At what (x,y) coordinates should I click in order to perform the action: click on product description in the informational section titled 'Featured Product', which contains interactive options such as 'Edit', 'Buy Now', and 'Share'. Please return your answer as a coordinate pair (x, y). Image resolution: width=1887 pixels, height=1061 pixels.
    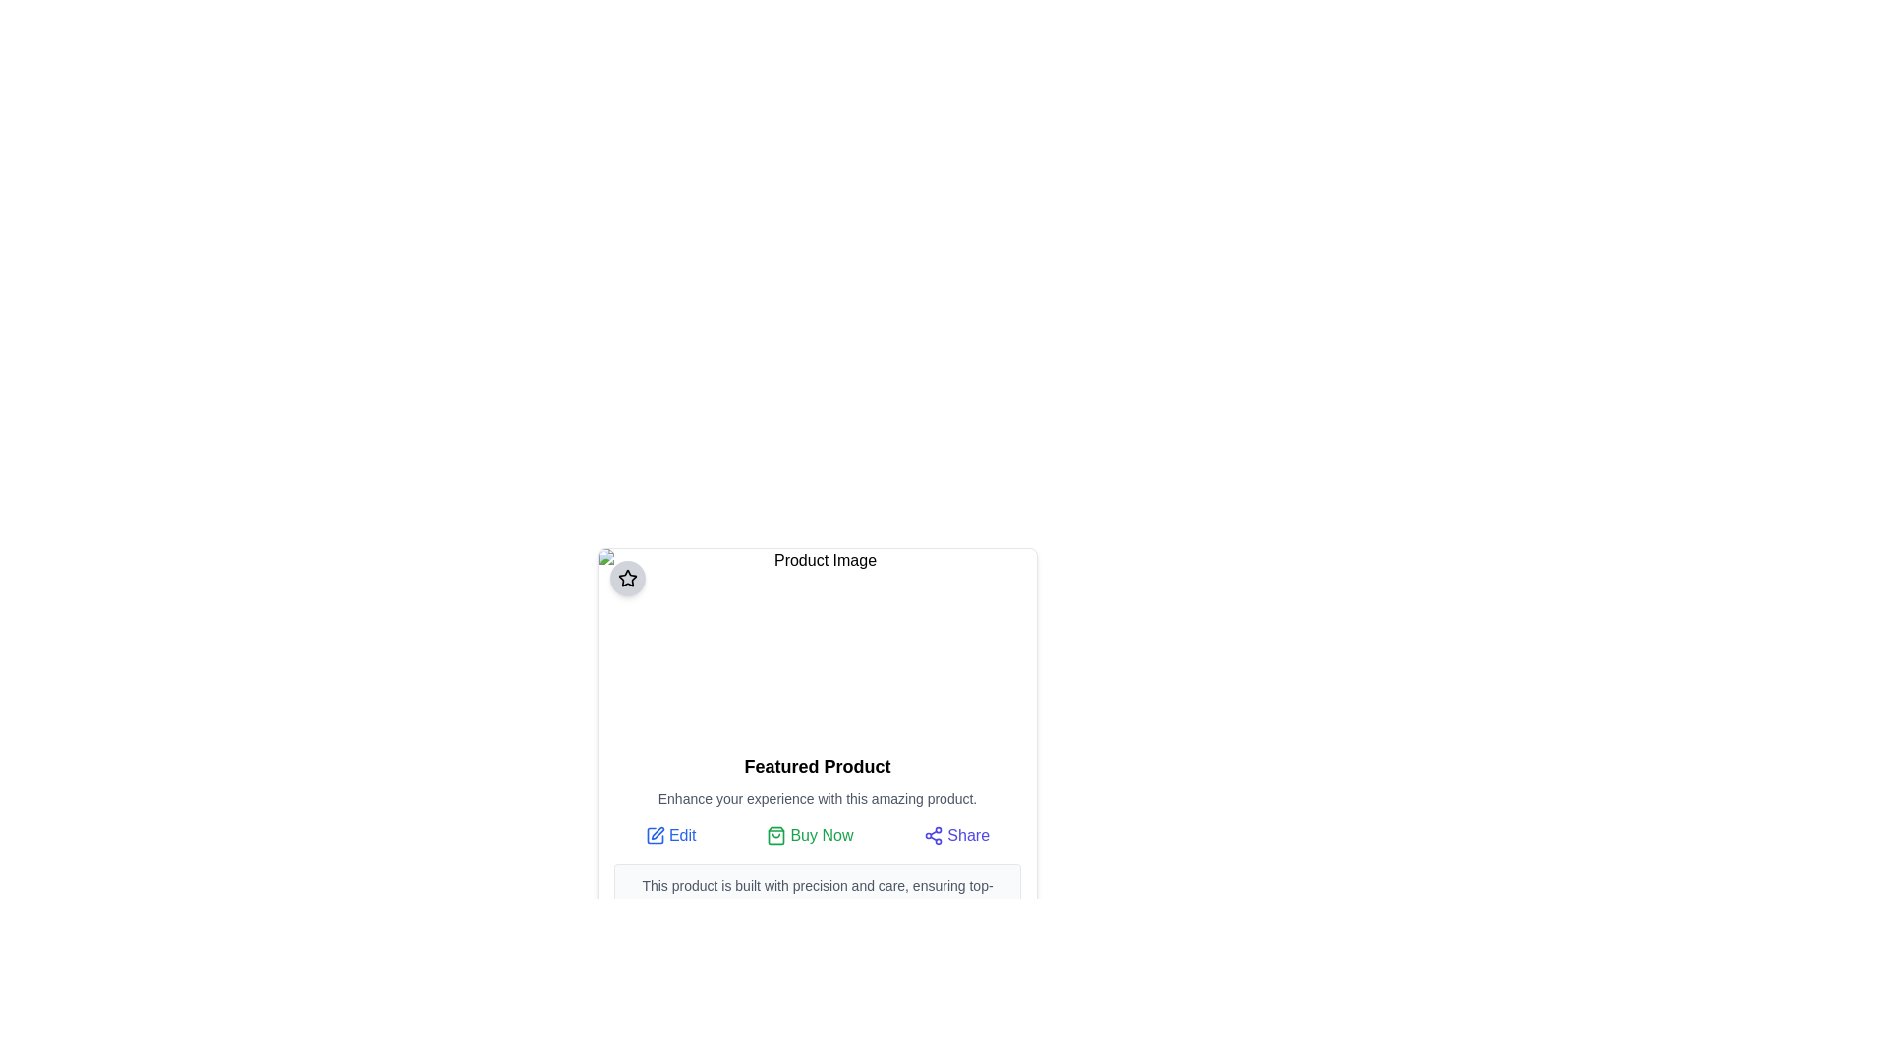
    Looking at the image, I should click on (817, 855).